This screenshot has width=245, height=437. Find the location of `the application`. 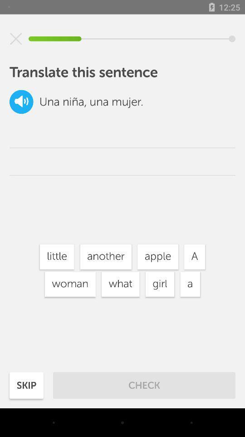

the application is located at coordinates (16, 39).